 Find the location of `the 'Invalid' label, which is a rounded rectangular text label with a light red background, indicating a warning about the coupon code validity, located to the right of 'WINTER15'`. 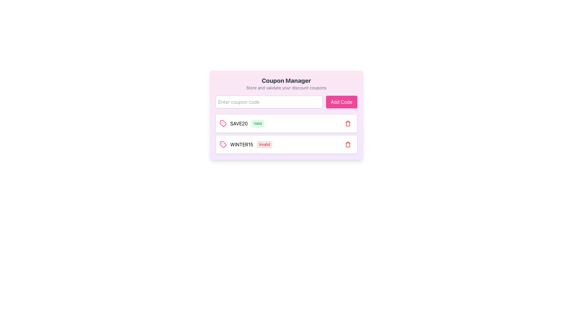

the 'Invalid' label, which is a rounded rectangular text label with a light red background, indicating a warning about the coupon code validity, located to the right of 'WINTER15' is located at coordinates (264, 145).